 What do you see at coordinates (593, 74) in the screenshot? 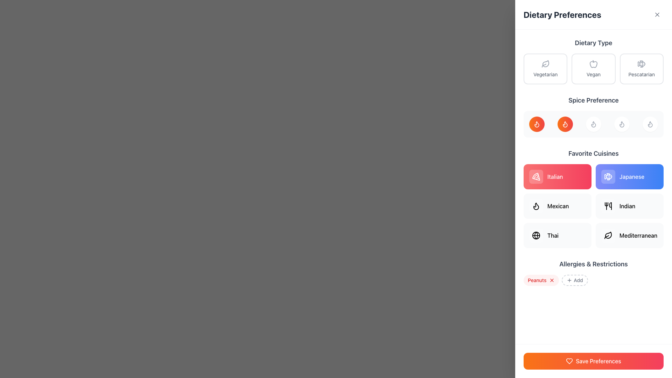
I see `the text label displaying the word 'Vegan' which is part of the 'Dietary Type' category, located below the apple icon` at bounding box center [593, 74].